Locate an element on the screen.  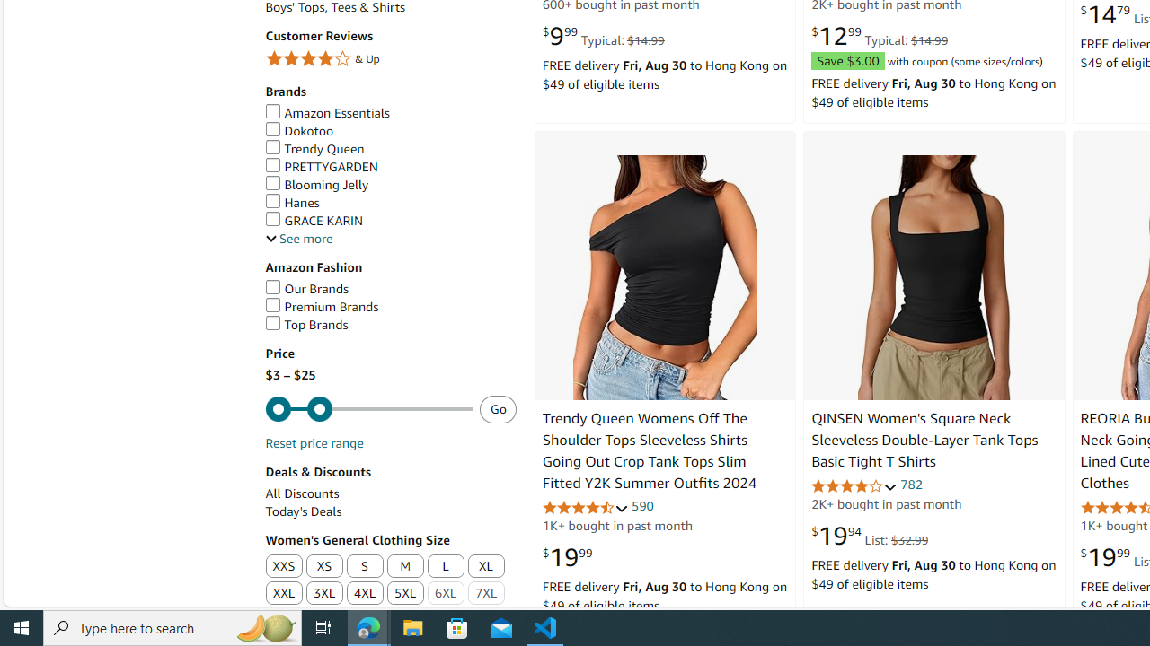
'590' is located at coordinates (642, 505).